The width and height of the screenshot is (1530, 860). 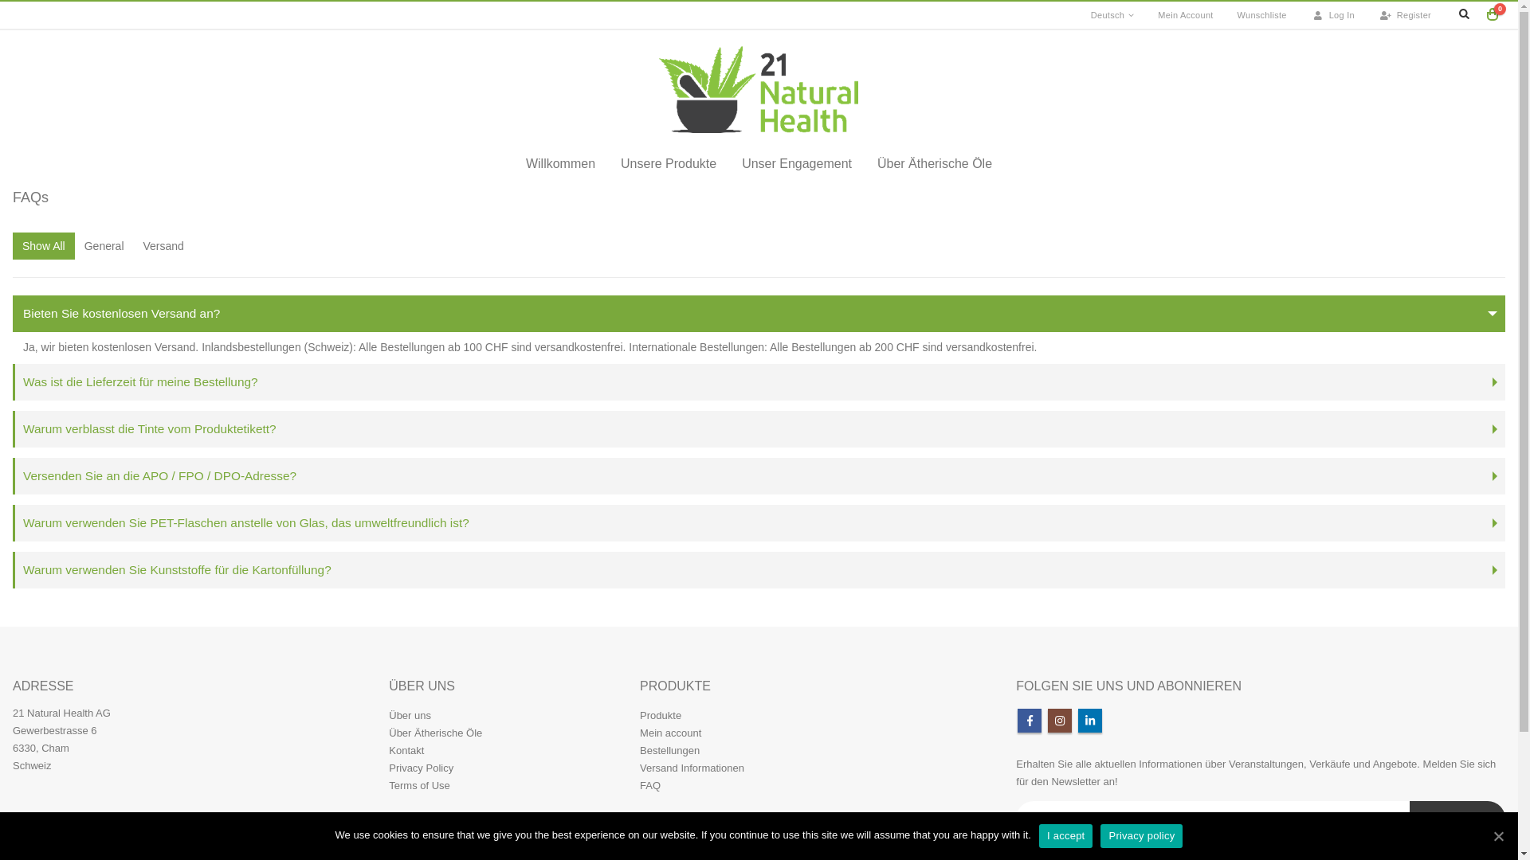 I want to click on 'Wunschliste', so click(x=1261, y=15).